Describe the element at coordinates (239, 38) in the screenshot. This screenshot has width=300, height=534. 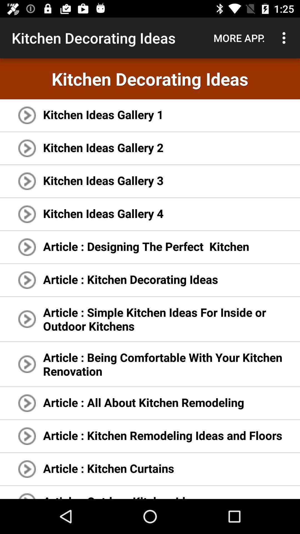
I see `more app. icon` at that location.